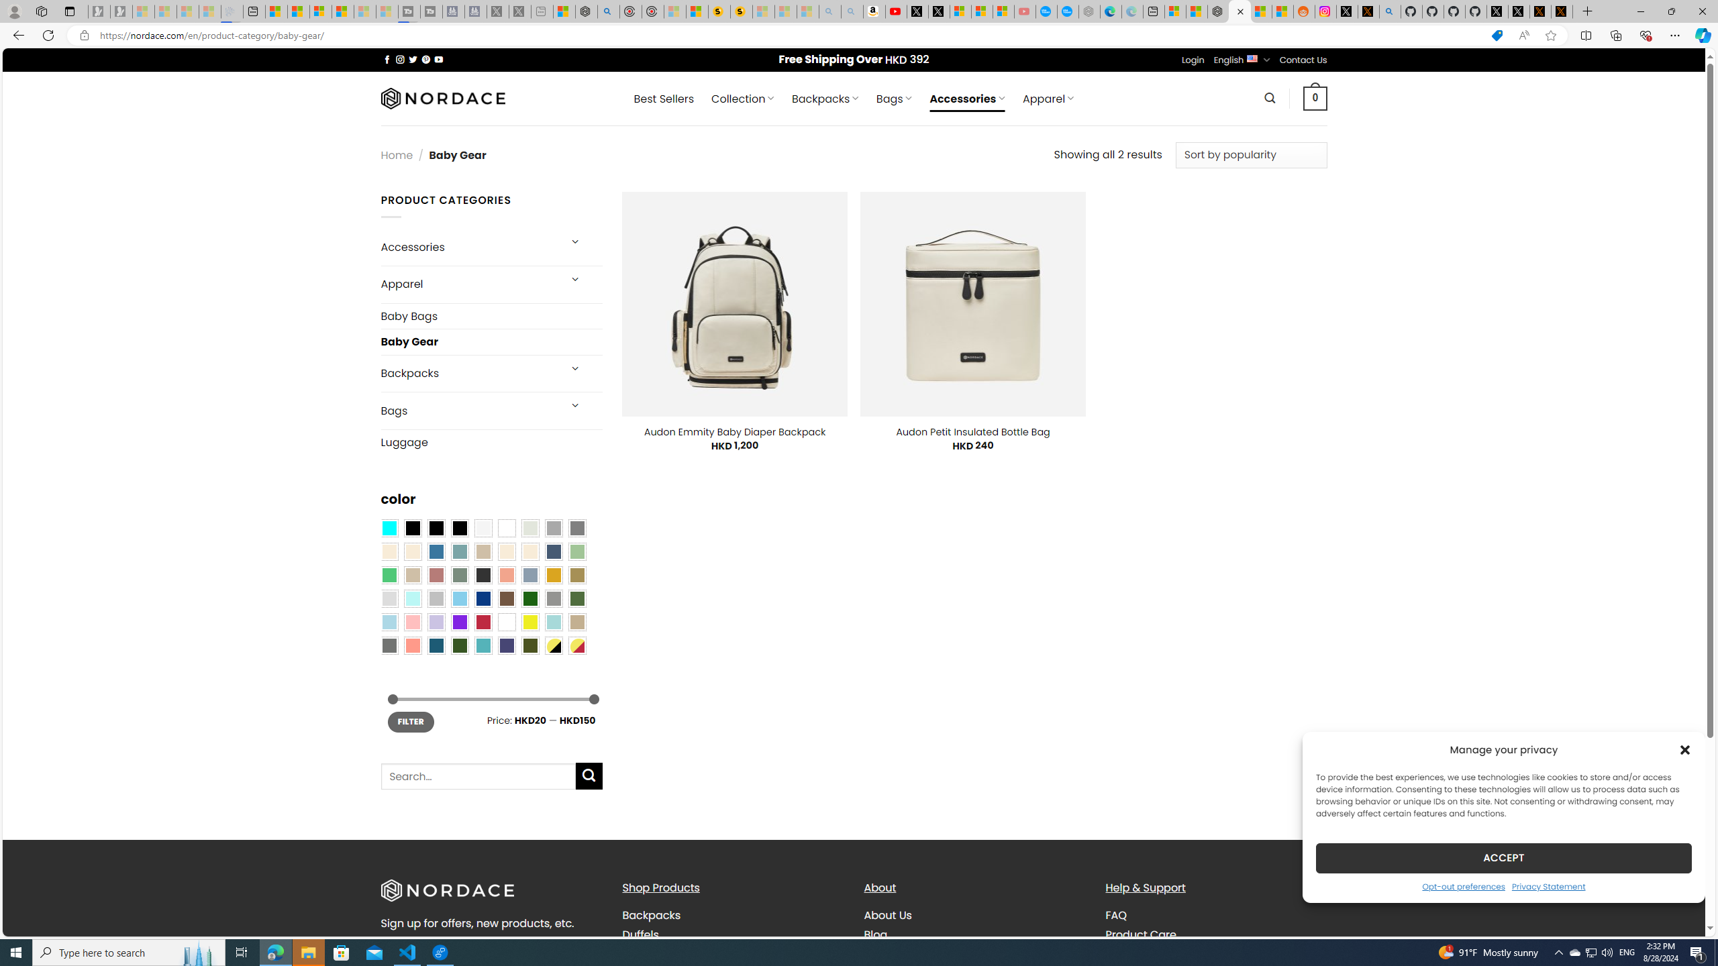 The width and height of the screenshot is (1718, 966). What do you see at coordinates (552, 621) in the screenshot?
I see `'Aqua'` at bounding box center [552, 621].